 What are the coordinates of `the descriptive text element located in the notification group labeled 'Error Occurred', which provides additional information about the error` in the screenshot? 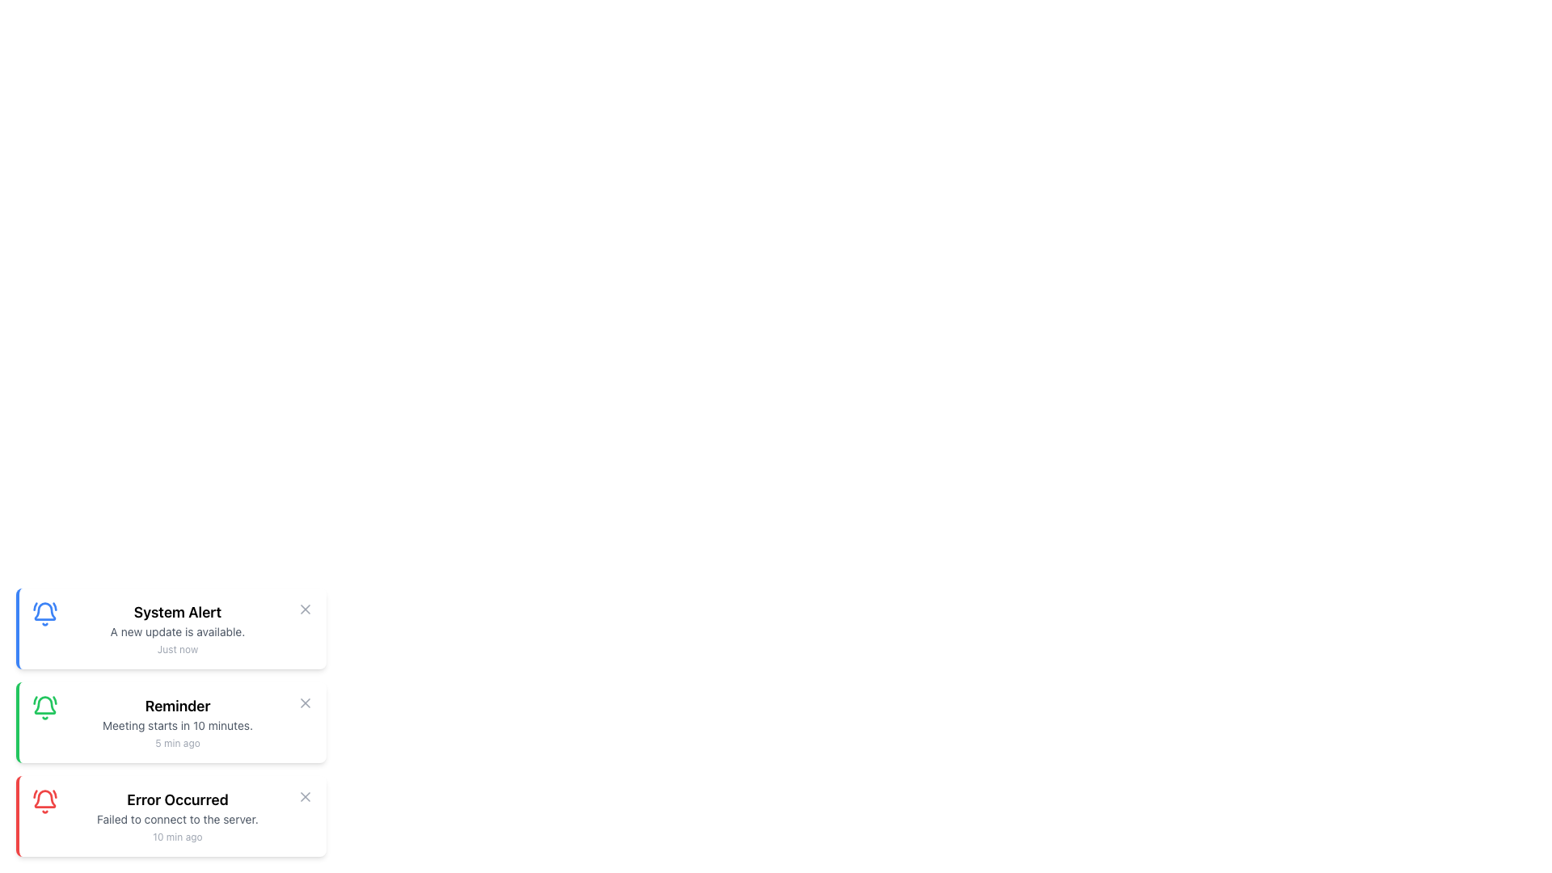 It's located at (178, 820).